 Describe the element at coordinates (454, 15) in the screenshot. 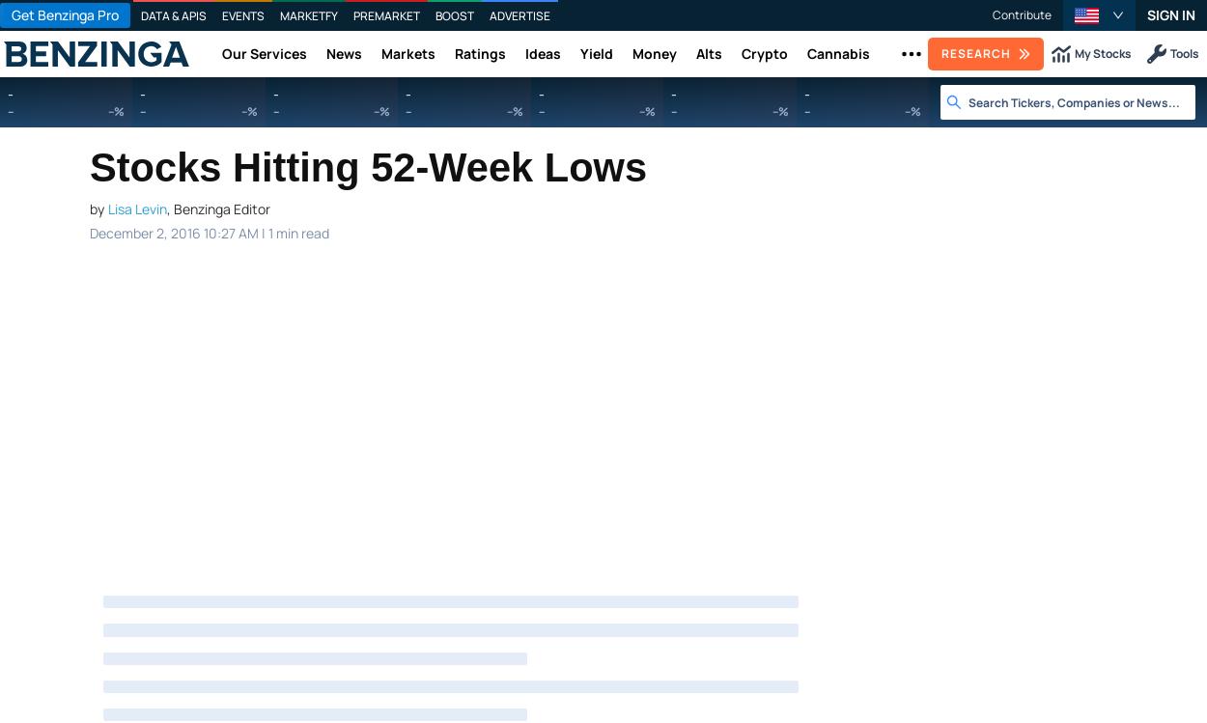

I see `'Boost'` at that location.